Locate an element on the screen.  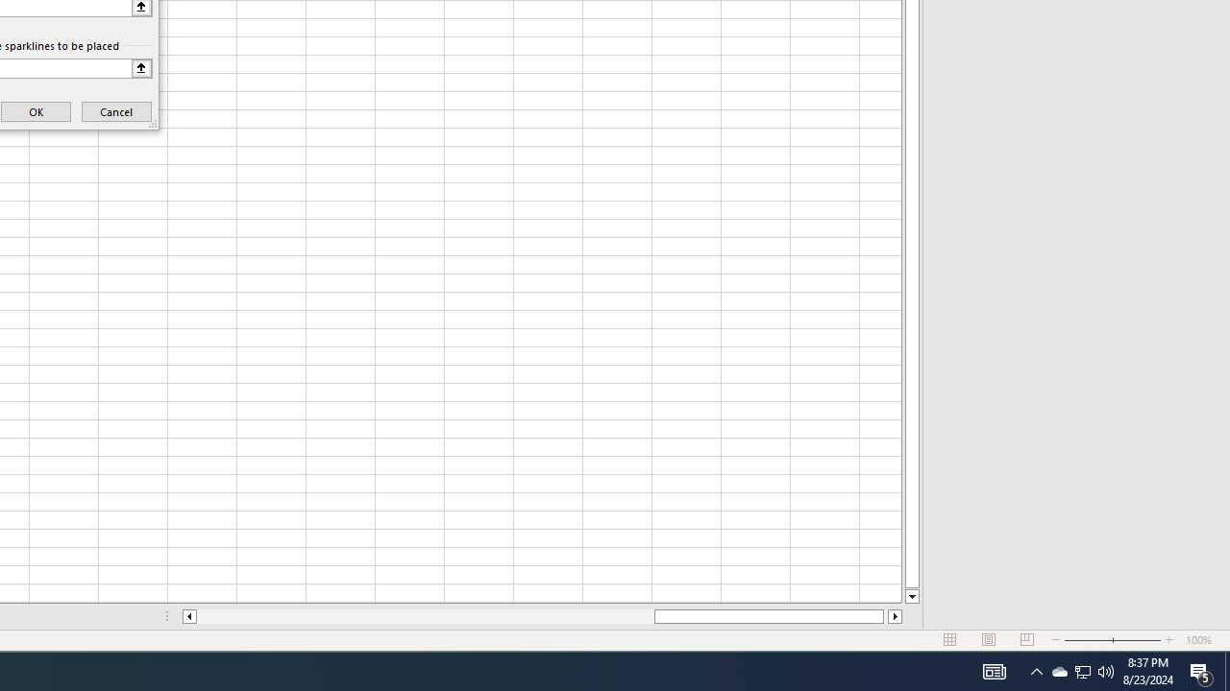
'Zoom In' is located at coordinates (1168, 640).